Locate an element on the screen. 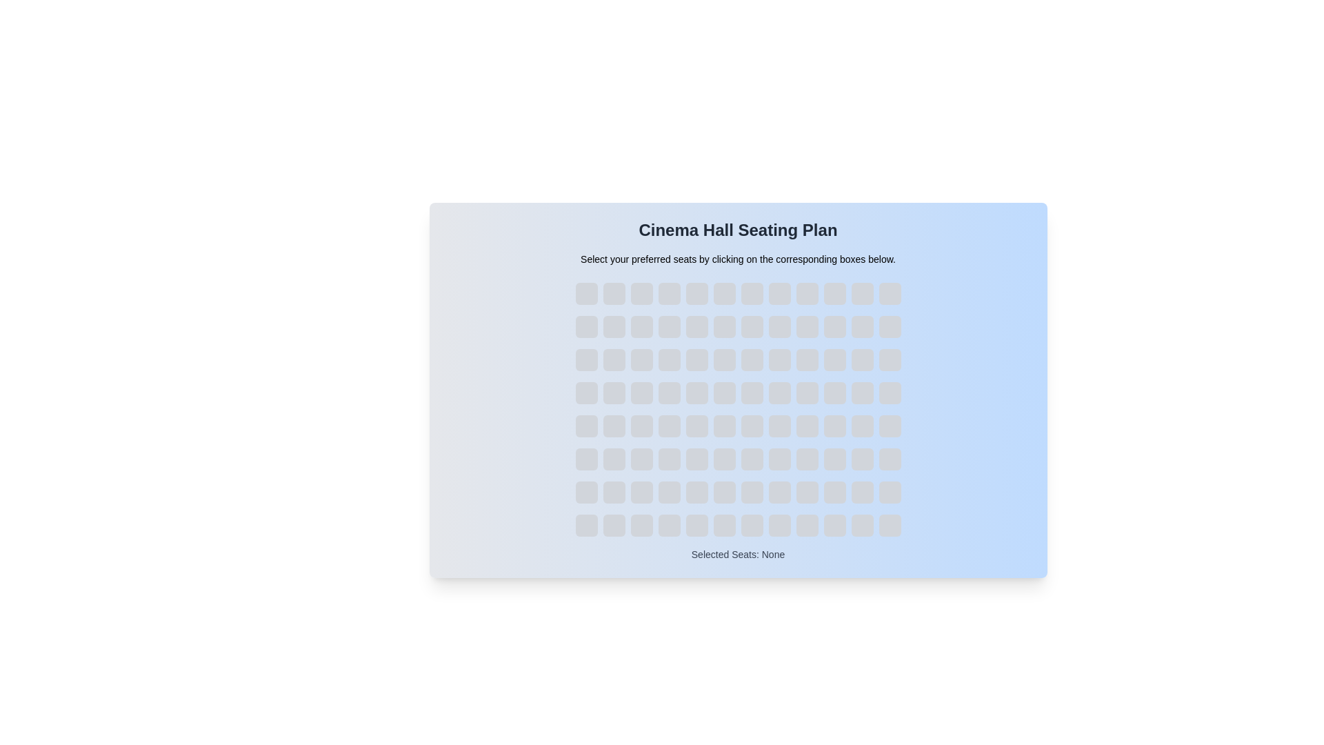 The height and width of the screenshot is (745, 1324). the text element displaying the selected seats at the bottom of the component is located at coordinates (737, 553).